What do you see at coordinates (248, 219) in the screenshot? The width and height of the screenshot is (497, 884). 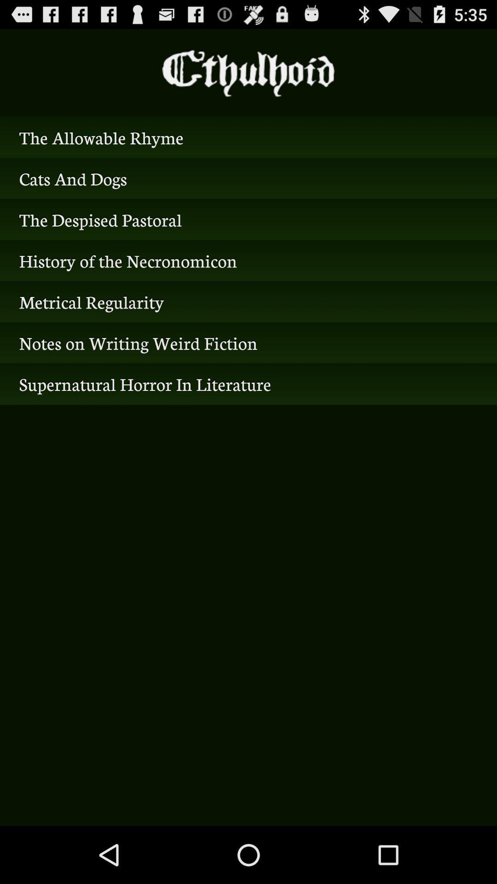 I see `the item above the history of the item` at bounding box center [248, 219].